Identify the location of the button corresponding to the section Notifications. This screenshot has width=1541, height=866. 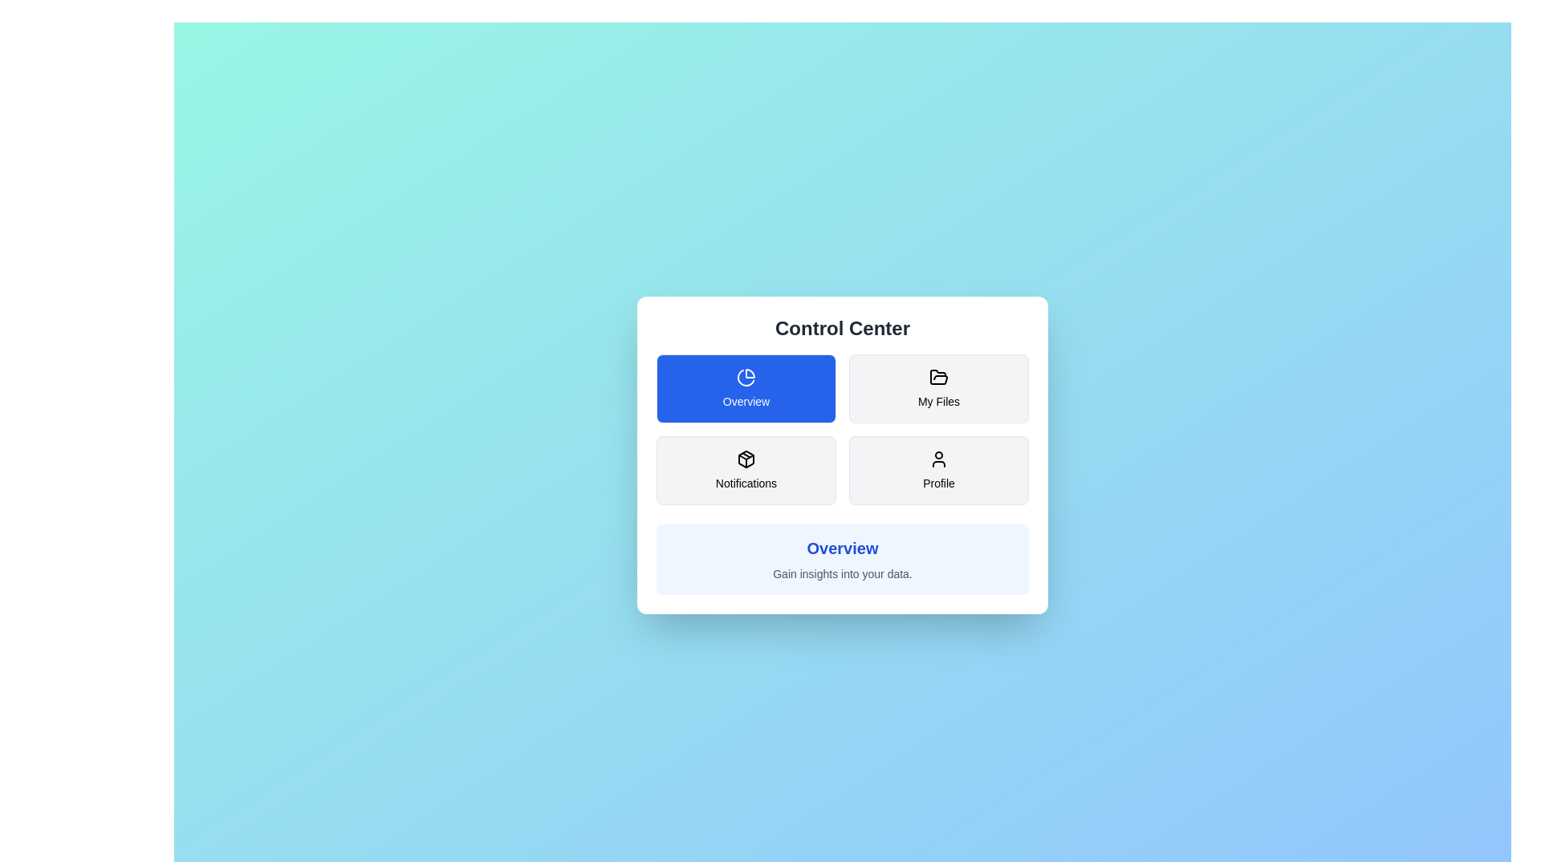
(746, 469).